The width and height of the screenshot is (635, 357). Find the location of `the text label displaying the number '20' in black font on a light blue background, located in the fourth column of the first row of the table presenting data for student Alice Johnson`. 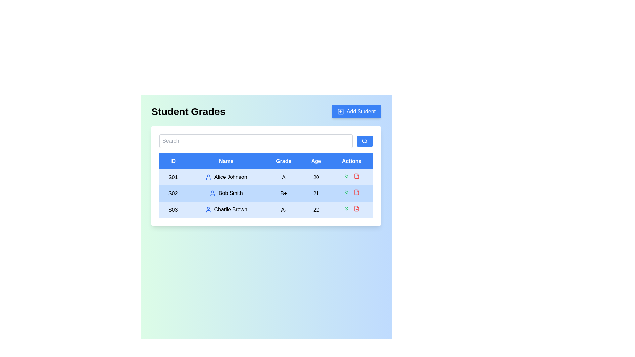

the text label displaying the number '20' in black font on a light blue background, located in the fourth column of the first row of the table presenting data for student Alice Johnson is located at coordinates (316, 177).